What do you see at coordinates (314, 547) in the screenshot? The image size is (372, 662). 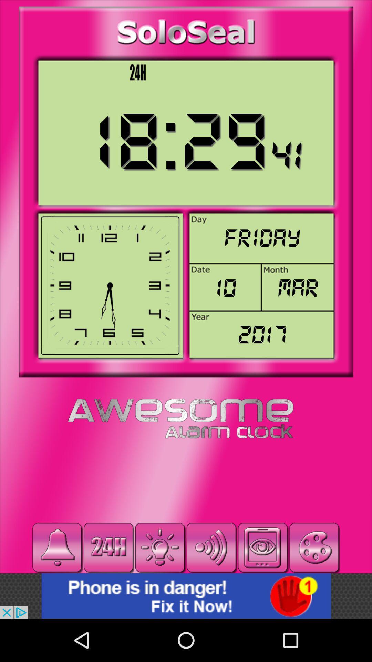 I see `change clock appearance` at bounding box center [314, 547].